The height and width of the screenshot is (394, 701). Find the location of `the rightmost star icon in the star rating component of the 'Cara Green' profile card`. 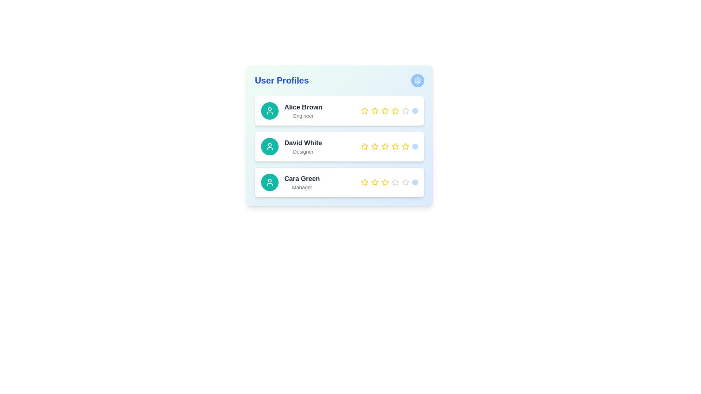

the rightmost star icon in the star rating component of the 'Cara Green' profile card is located at coordinates (405, 182).